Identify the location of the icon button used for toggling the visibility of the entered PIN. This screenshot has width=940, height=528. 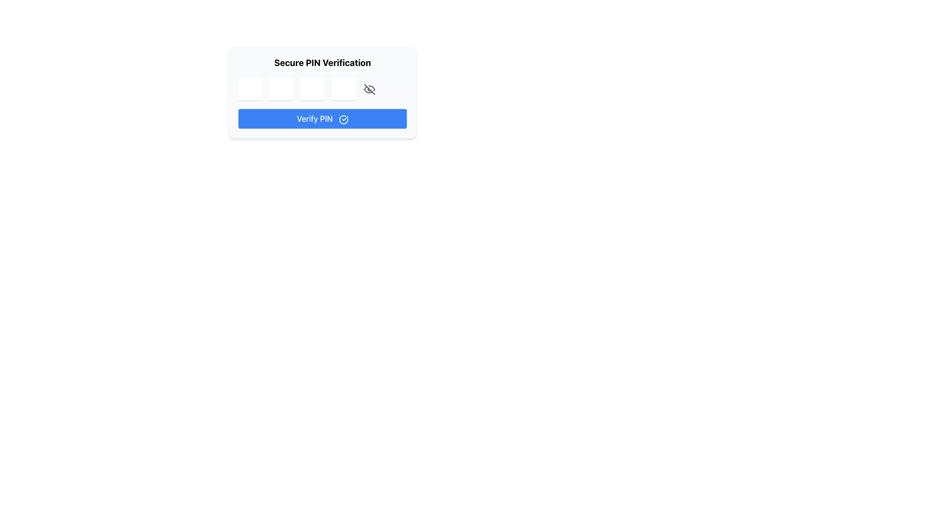
(369, 89).